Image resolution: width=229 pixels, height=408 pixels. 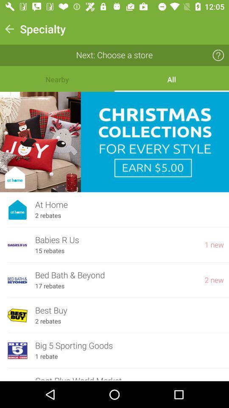 I want to click on the item next to the specialty, so click(x=9, y=29).